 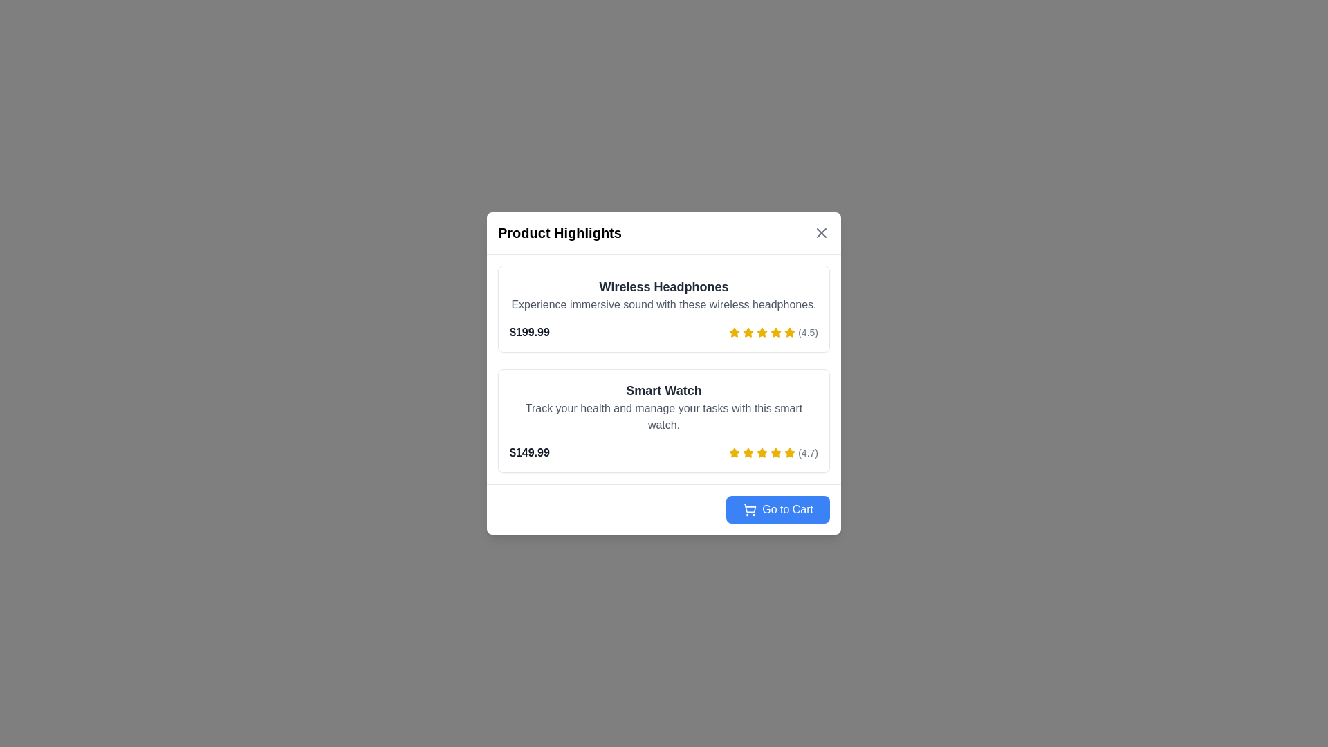 What do you see at coordinates (748, 333) in the screenshot?
I see `the third yellow star icon in the 5-star rating system next to the title 'Wireless Headphones'` at bounding box center [748, 333].